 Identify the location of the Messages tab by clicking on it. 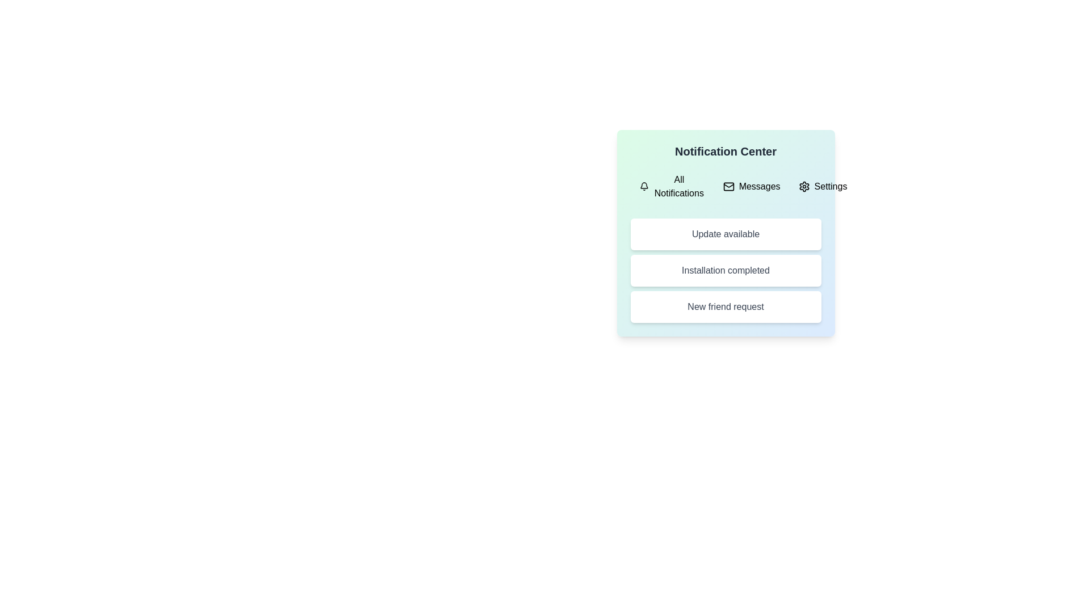
(752, 186).